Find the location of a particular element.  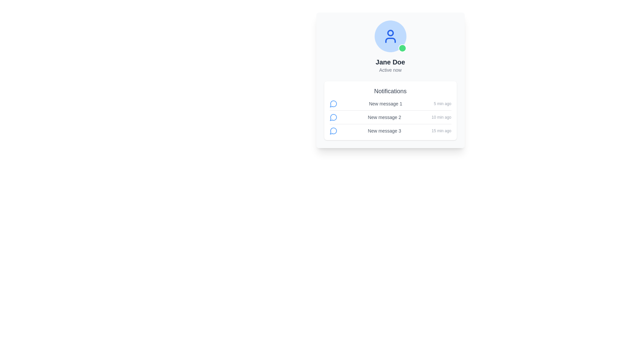

the first Notification List Item, which contains a blue chat icon, the text 'New message 1', and a timestamp '5 min ago' is located at coordinates (390, 105).